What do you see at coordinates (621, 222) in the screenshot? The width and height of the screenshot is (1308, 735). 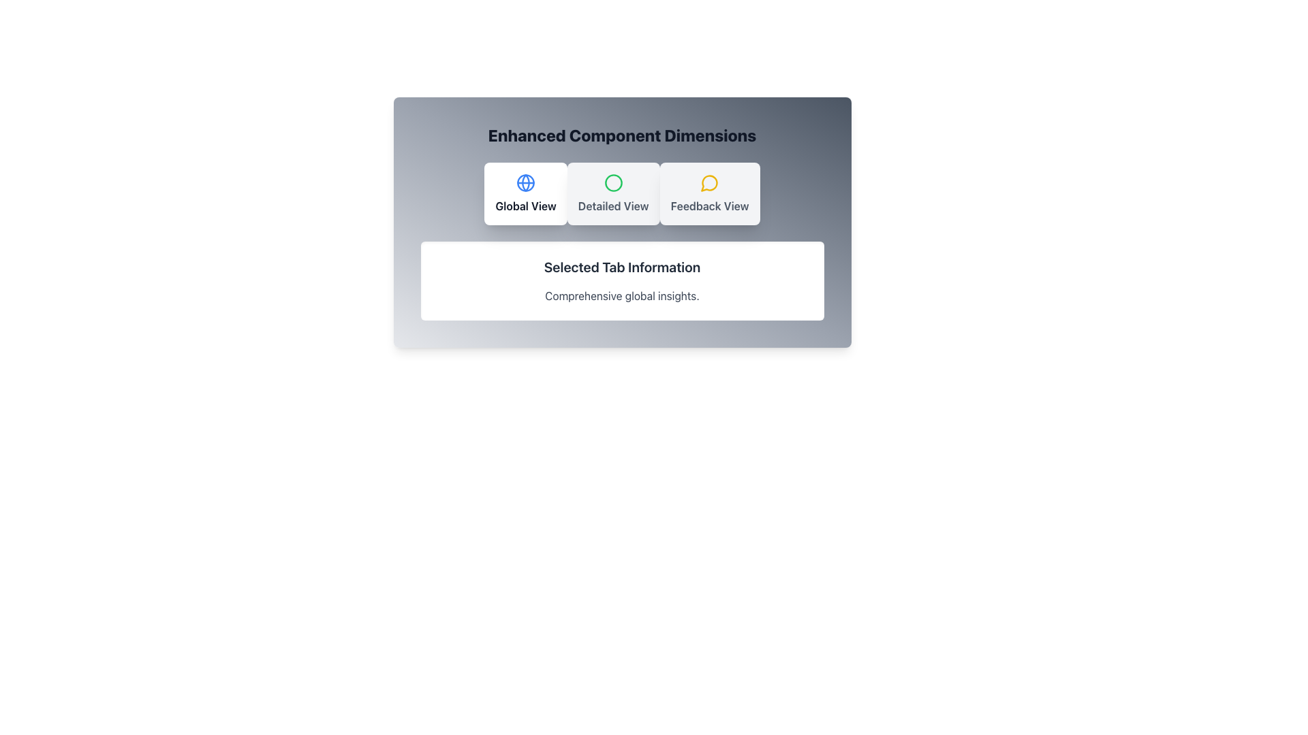 I see `the options cards ('Global View', 'Detailed View', 'Feedback View') in the Interactive Panel titled 'Enhanced Component Dimensions'` at bounding box center [621, 222].